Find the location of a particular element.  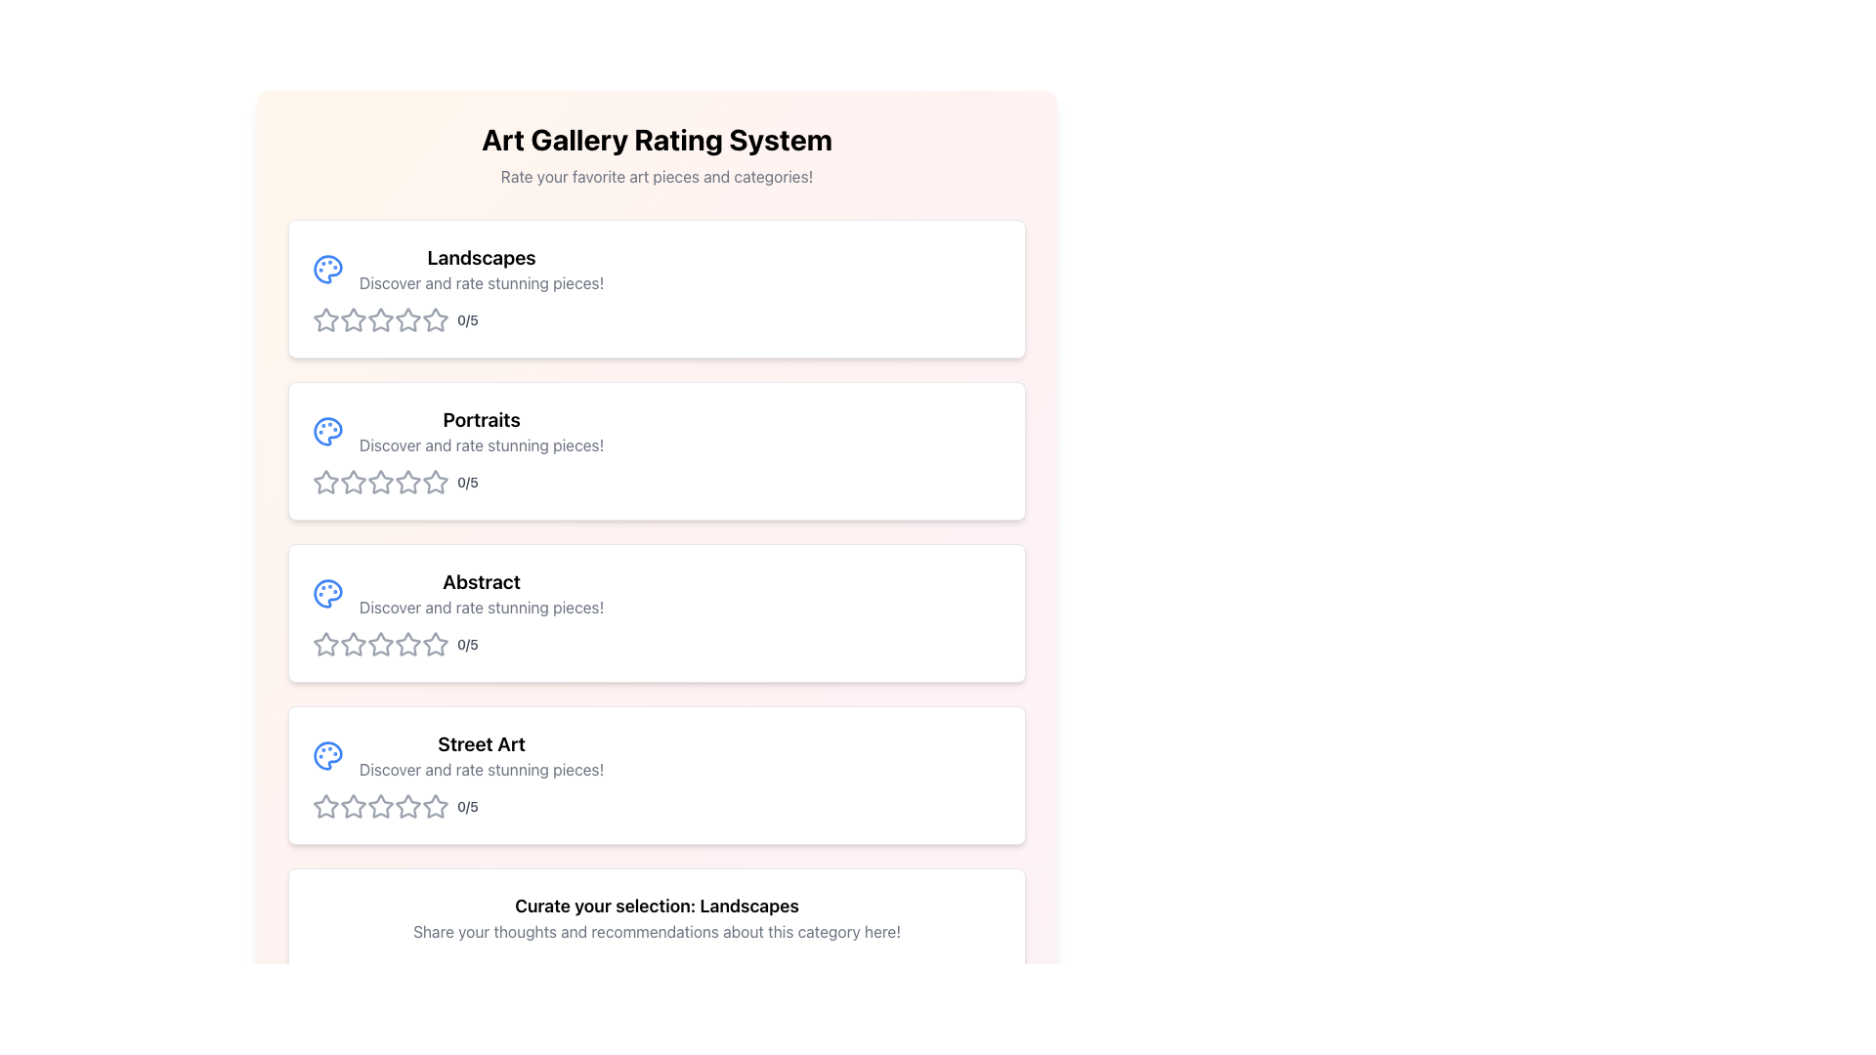

the second star icon from the left in the rating system located in the bottom-most card labeled 'Street Art' is located at coordinates (380, 806).